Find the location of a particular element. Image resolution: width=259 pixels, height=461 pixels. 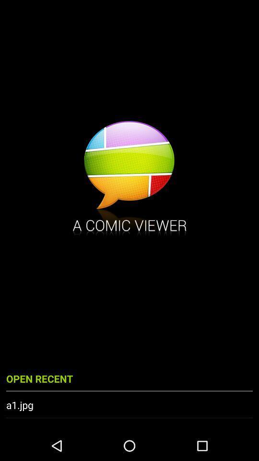

item below the open recent item is located at coordinates (129, 404).